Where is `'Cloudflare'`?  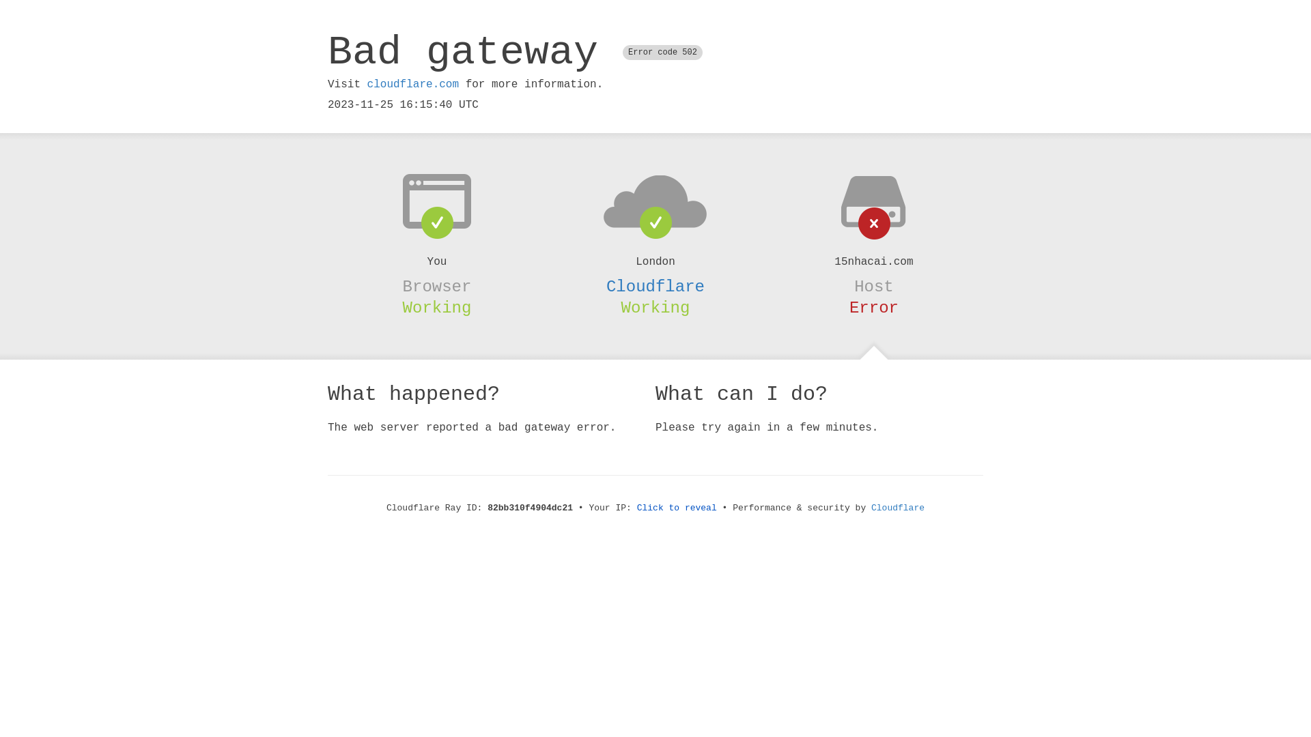
'Cloudflare' is located at coordinates (655, 286).